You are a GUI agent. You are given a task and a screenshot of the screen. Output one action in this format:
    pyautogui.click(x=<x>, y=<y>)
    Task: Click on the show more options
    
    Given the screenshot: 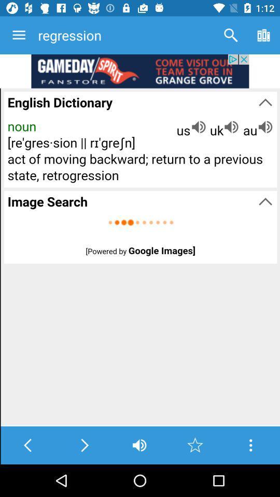 What is the action you would take?
    pyautogui.click(x=250, y=445)
    